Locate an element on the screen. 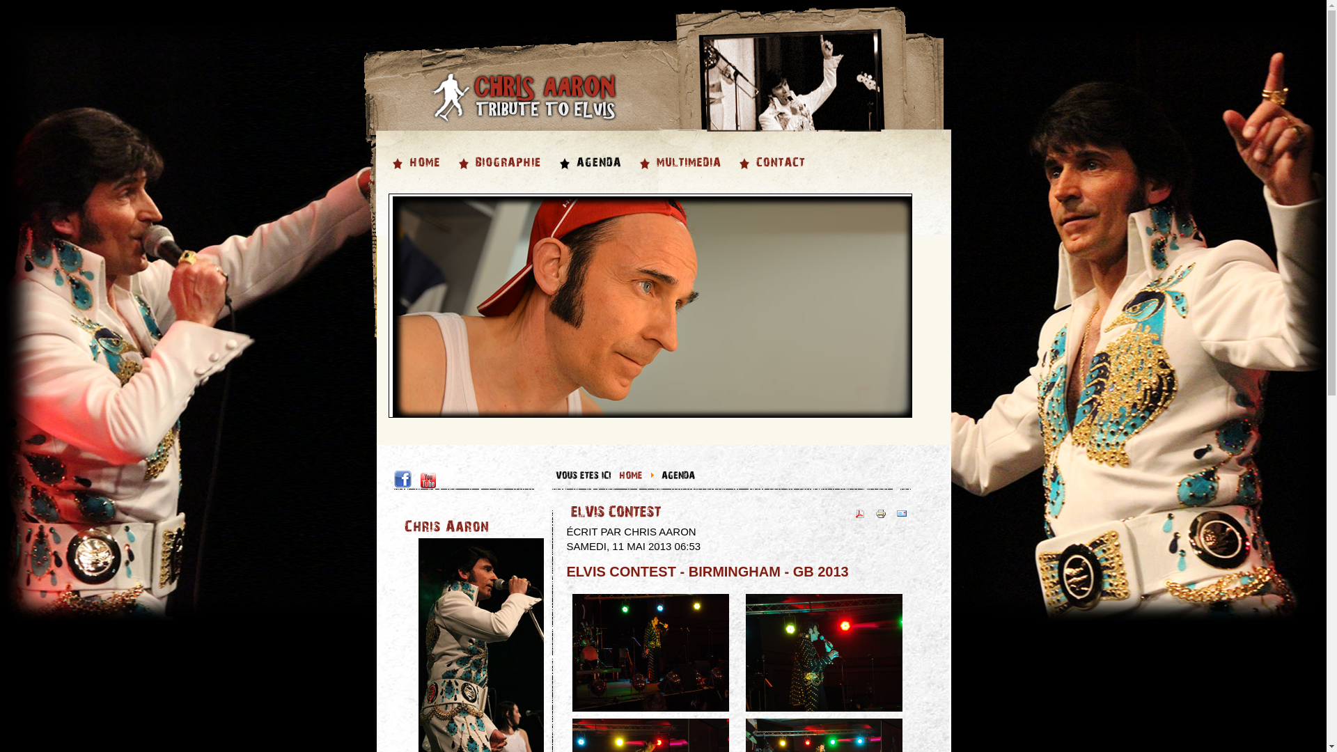 The image size is (1337, 752). 'Imprimer' is located at coordinates (880, 517).